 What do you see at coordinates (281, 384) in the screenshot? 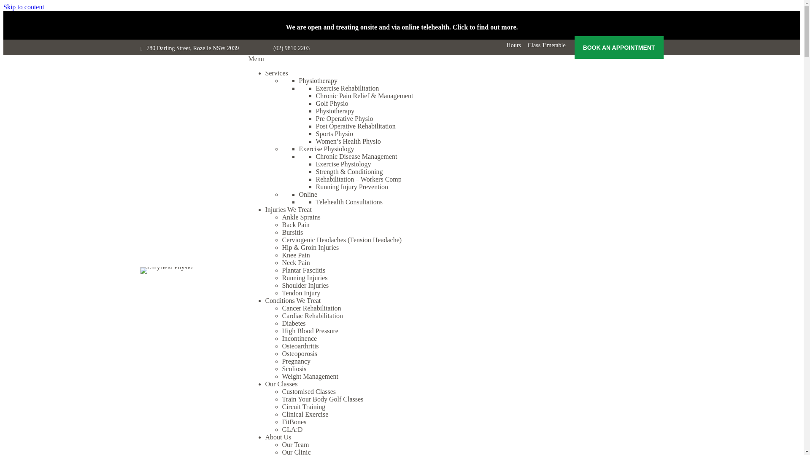
I see `'Our Classes'` at bounding box center [281, 384].